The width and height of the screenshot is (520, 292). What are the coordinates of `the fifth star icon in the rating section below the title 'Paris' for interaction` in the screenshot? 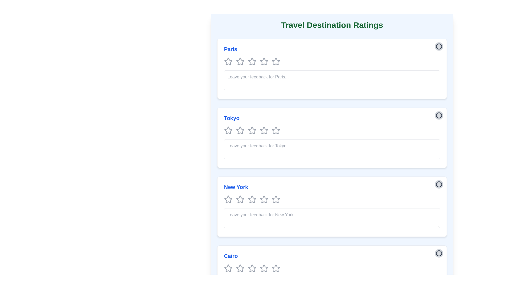 It's located at (276, 61).